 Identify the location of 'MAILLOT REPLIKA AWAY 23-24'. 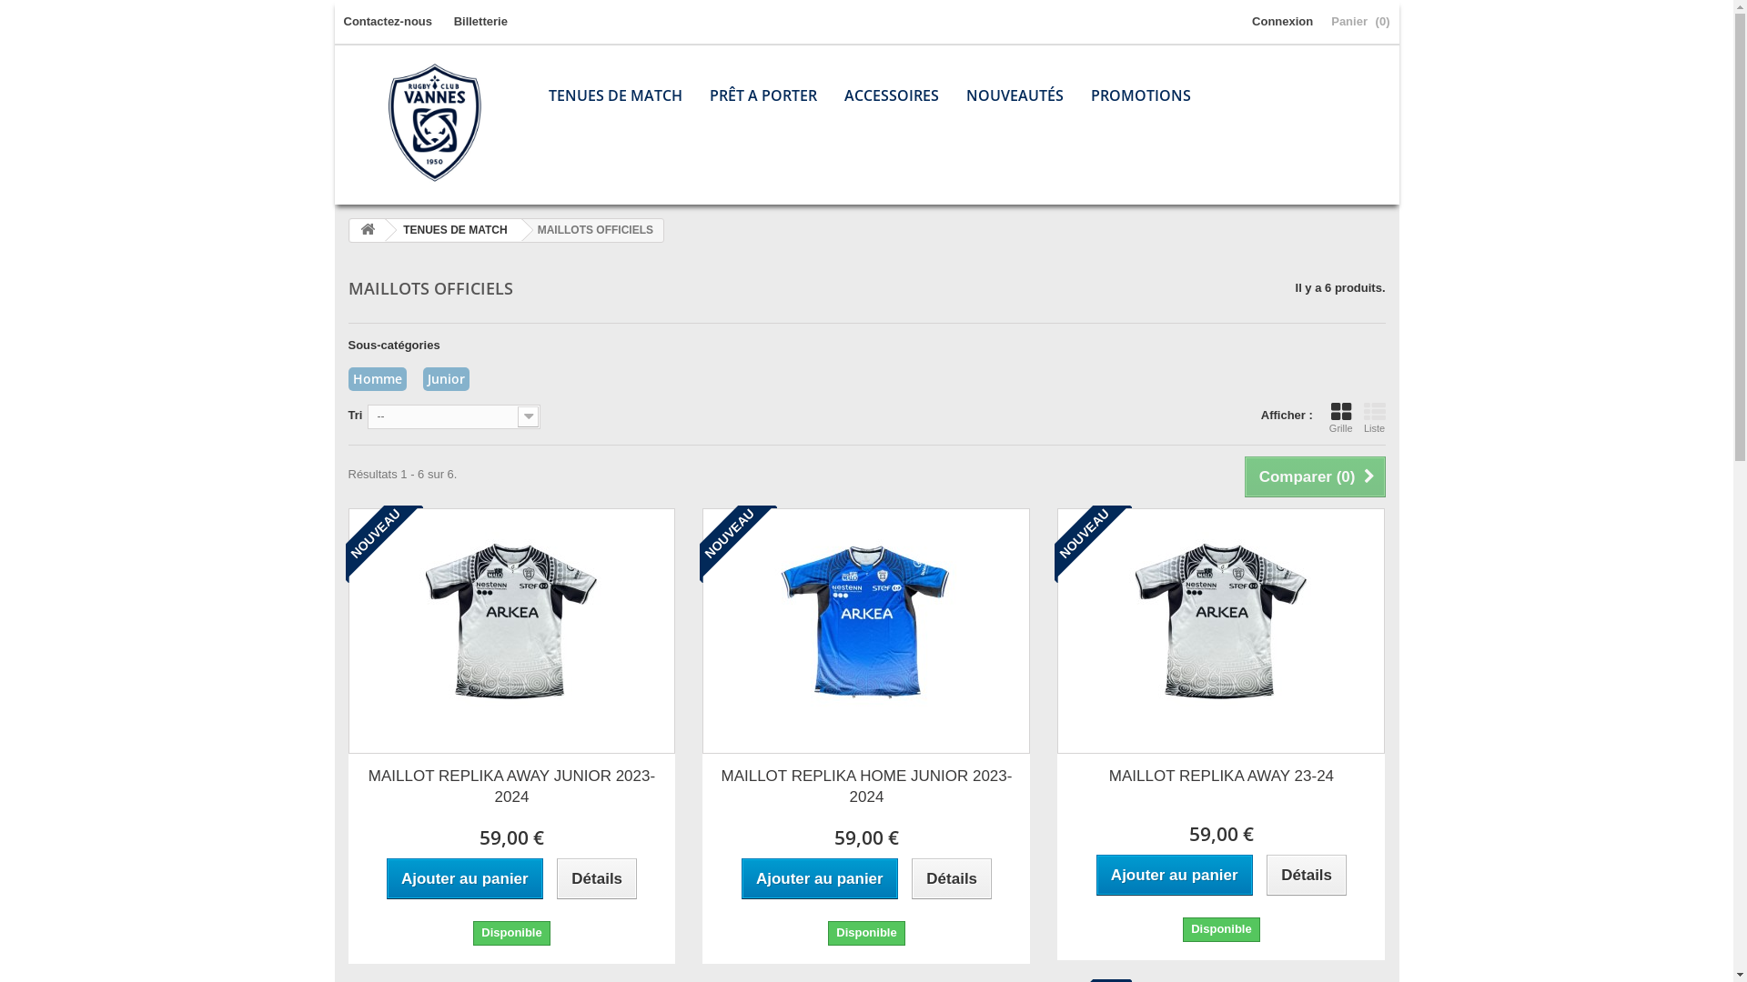
(1106, 629).